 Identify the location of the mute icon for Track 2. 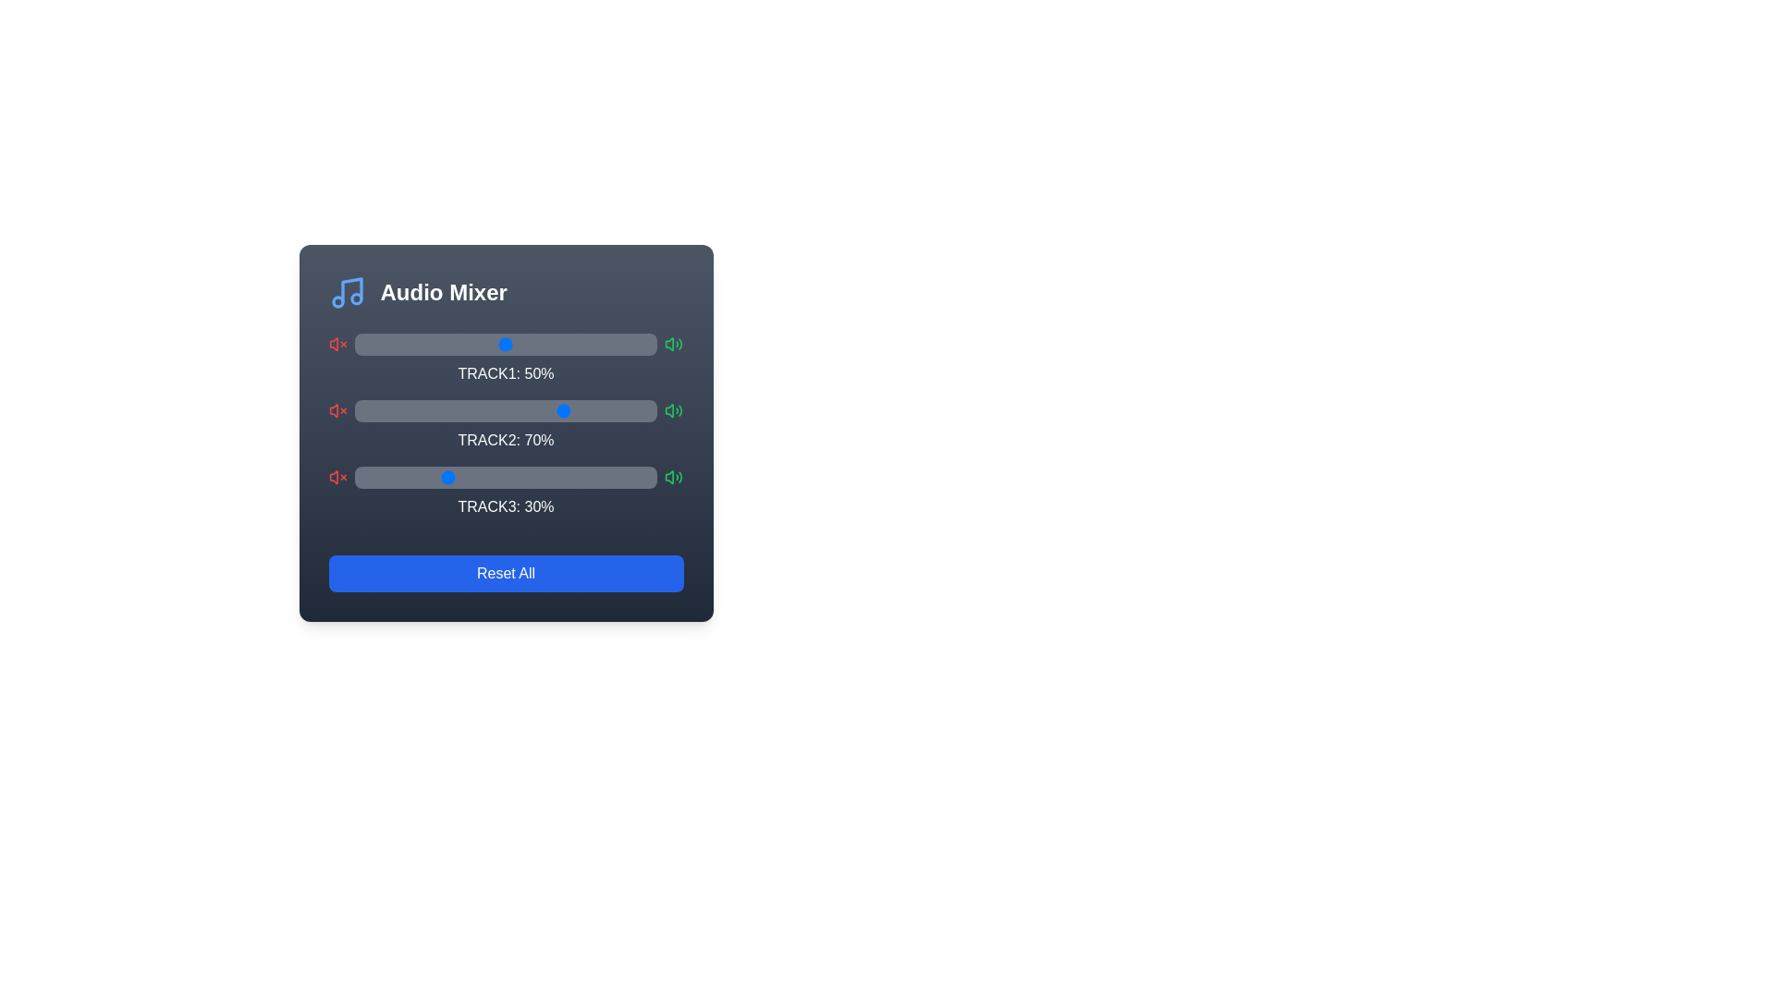
(337, 409).